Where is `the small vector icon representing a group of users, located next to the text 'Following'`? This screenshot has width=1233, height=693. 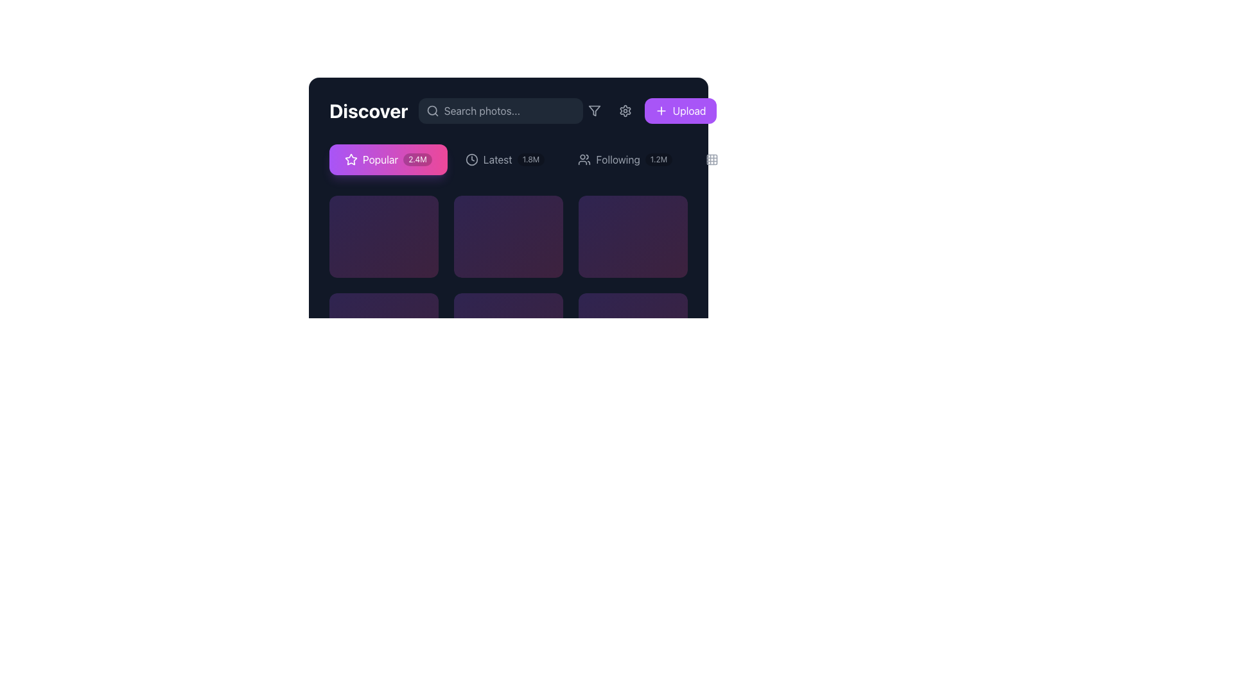 the small vector icon representing a group of users, located next to the text 'Following' is located at coordinates (584, 159).